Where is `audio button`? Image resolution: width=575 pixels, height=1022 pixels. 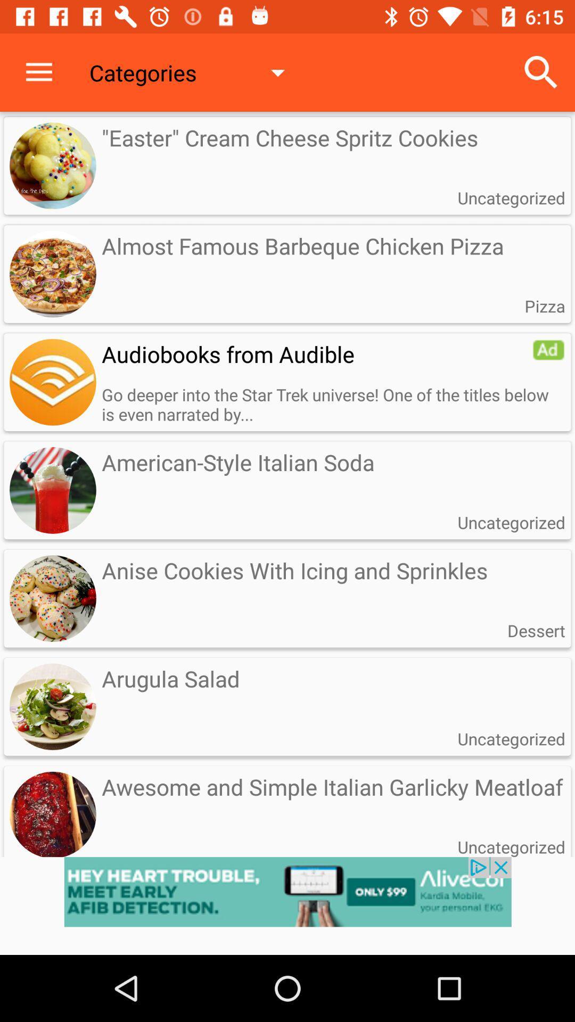 audio button is located at coordinates (53, 382).